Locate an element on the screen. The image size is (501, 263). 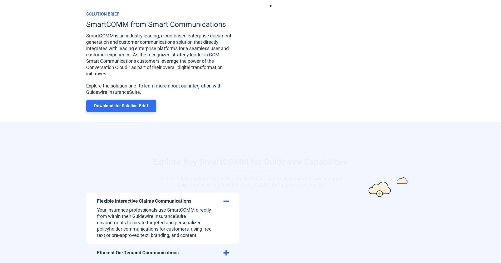
'Efficient On-Demand Communications' is located at coordinates (96, 252).